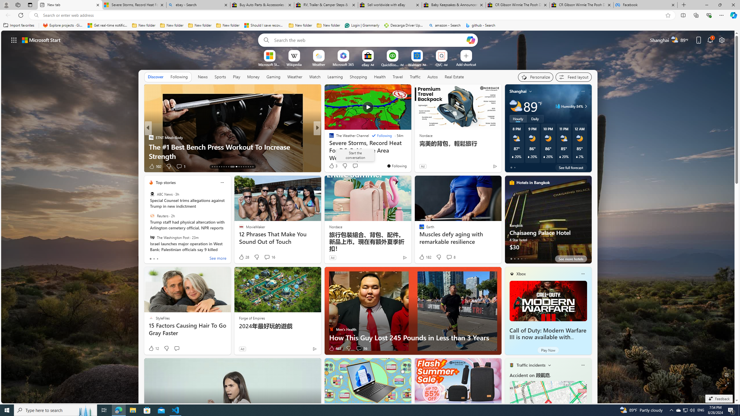 Image resolution: width=740 pixels, height=416 pixels. What do you see at coordinates (548, 222) in the screenshot?
I see `'Chaisaeng Palace Hotel'` at bounding box center [548, 222].